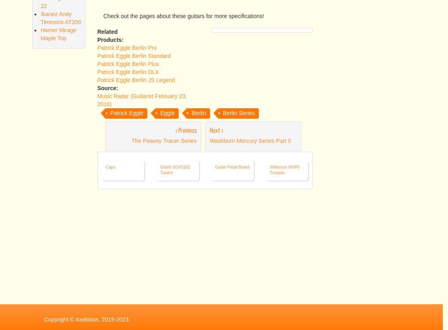  I want to click on 'To top it all off there was the Patrick Eggle Berlin JS Legend, which was designed with "Big Jim" Sullivan. This guitar also featured a maple body like the DLX and had Maple leaf inlays plus the number of the guitar on the 24th fre . The humbuckers are active', so click(204, 95).